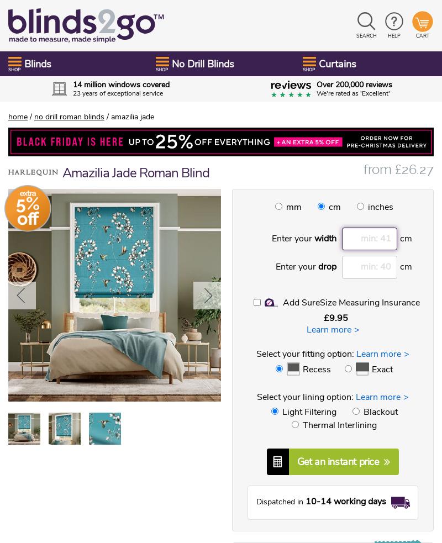 The height and width of the screenshot is (543, 442). Describe the element at coordinates (44, 531) in the screenshot. I see `'BACK TO TOP'` at that location.